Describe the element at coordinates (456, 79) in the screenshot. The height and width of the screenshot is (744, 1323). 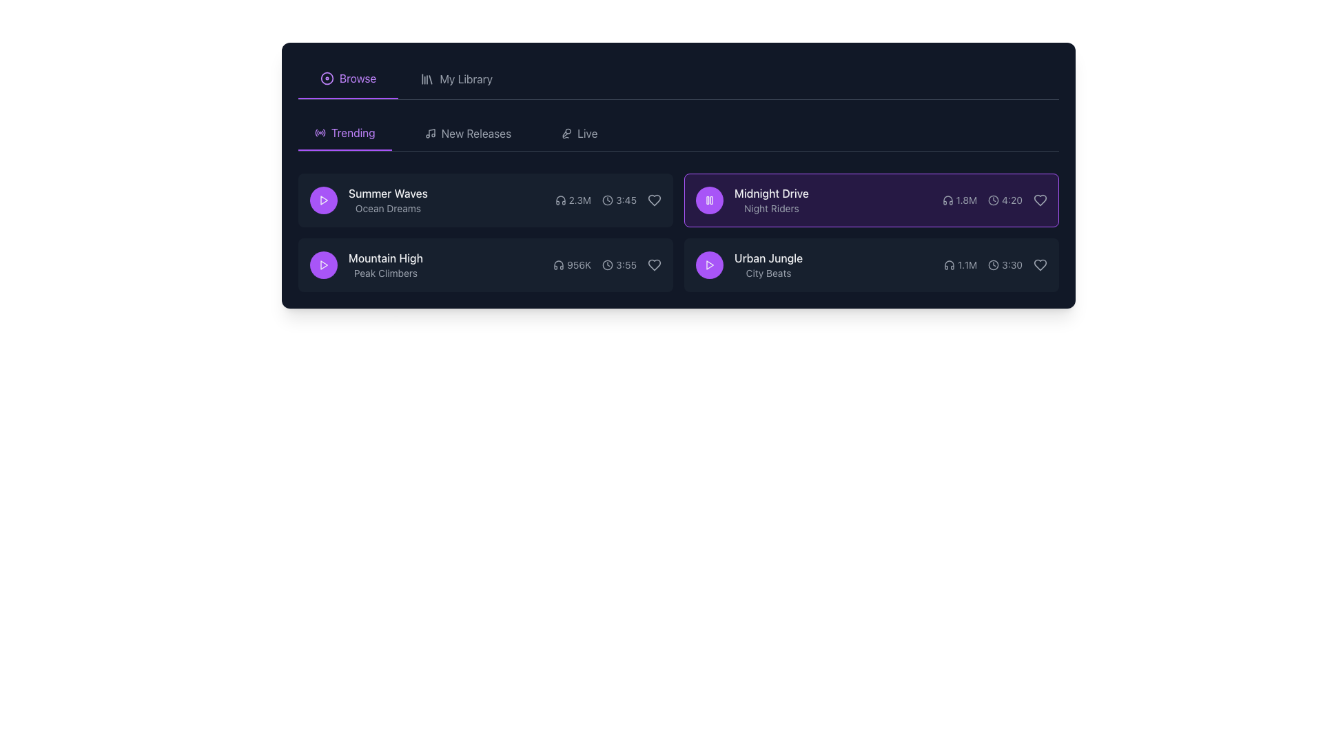
I see `the 'My Library' navigation button located in the horizontal menu at the top of the interface` at that location.